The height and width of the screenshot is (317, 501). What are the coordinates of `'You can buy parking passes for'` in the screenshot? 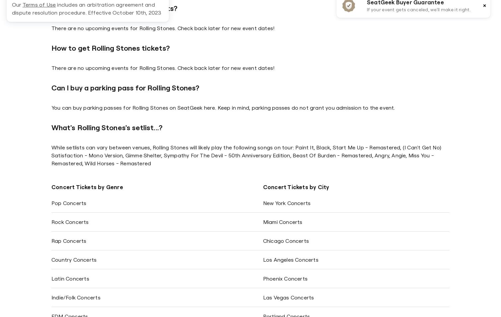 It's located at (92, 107).